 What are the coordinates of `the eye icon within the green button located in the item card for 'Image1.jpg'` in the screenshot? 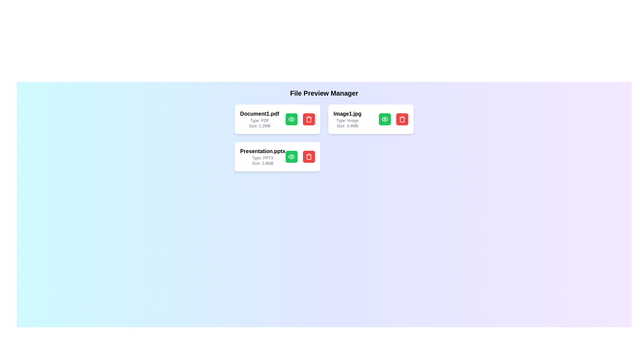 It's located at (385, 119).